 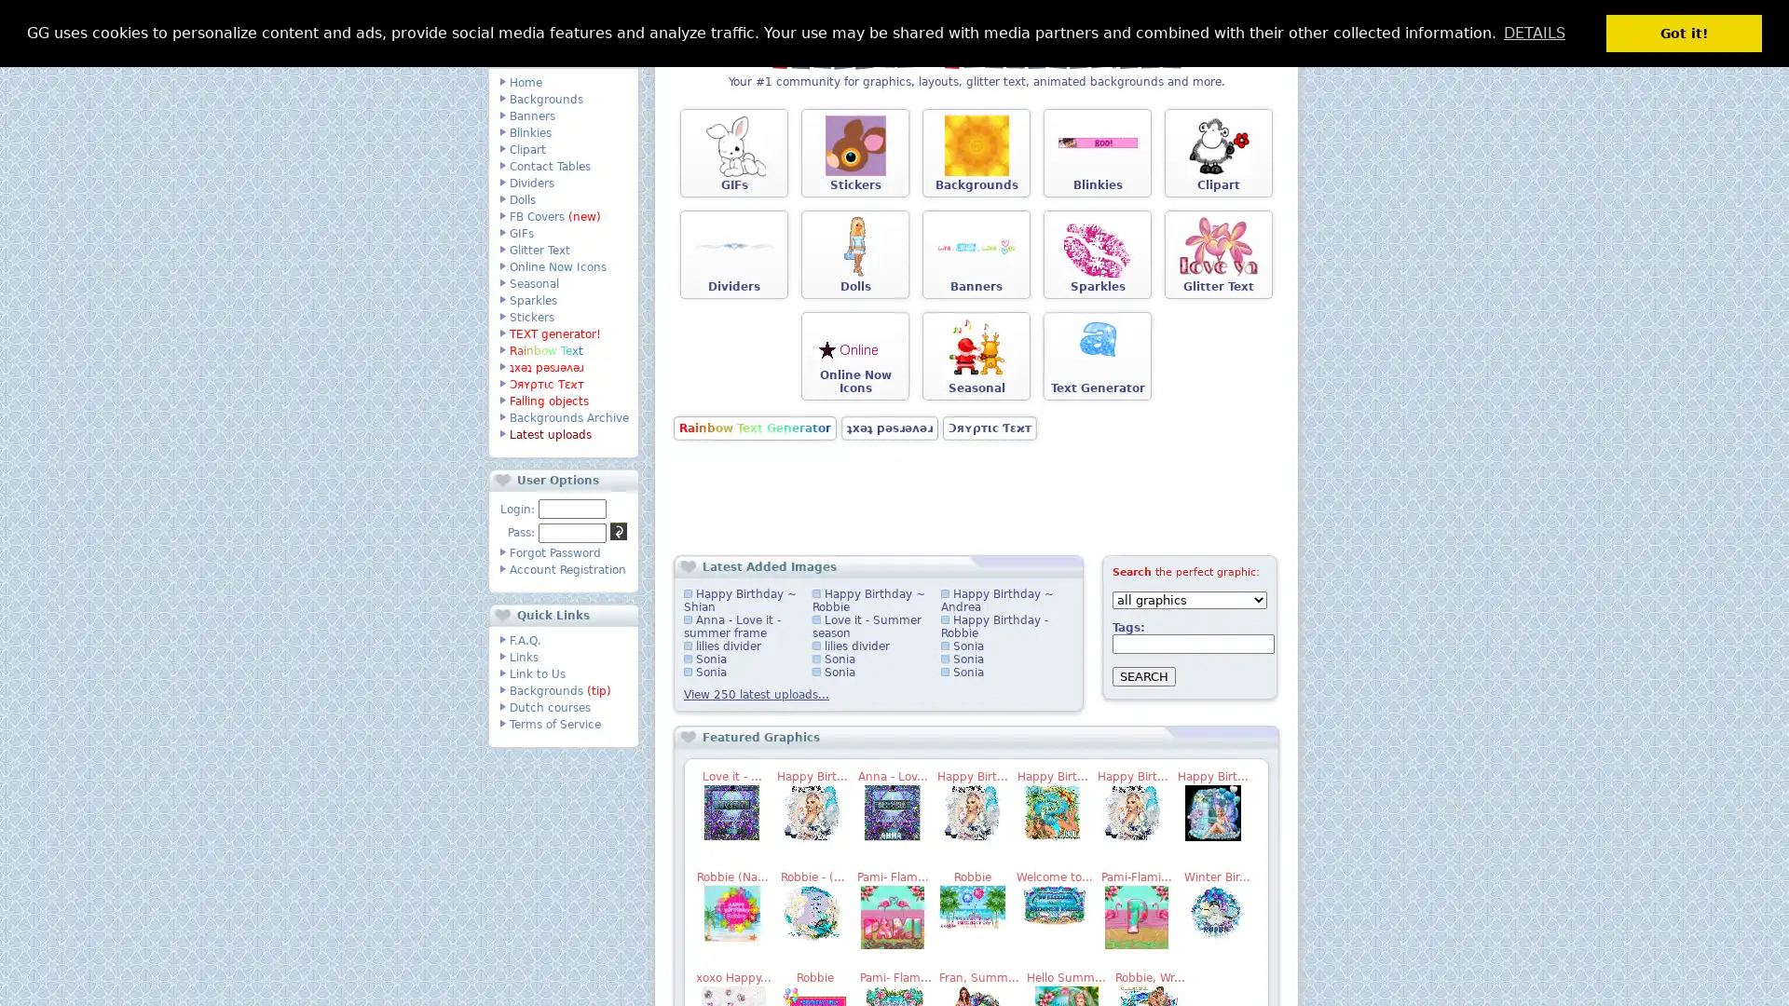 I want to click on dismiss cookie message, so click(x=1684, y=33).